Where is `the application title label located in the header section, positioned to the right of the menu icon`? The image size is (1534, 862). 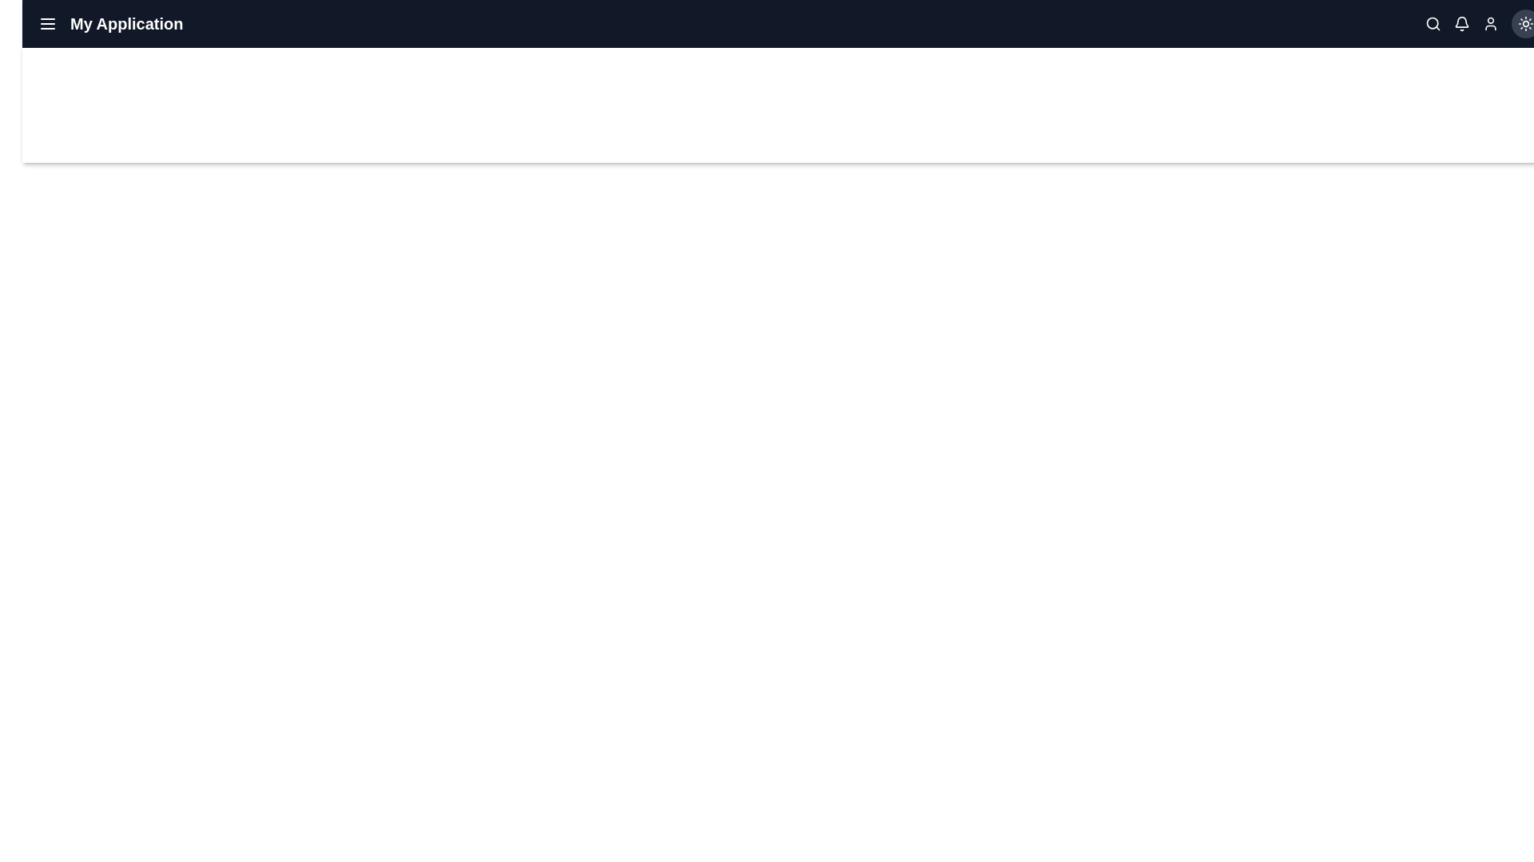
the application title label located in the header section, positioned to the right of the menu icon is located at coordinates (125, 24).